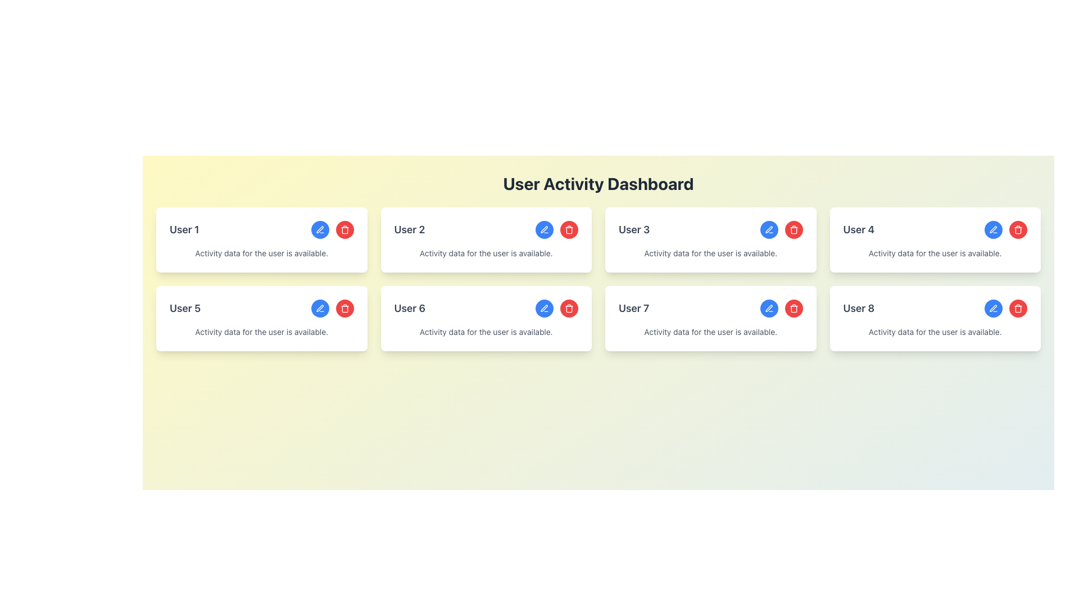  What do you see at coordinates (569, 229) in the screenshot?
I see `the trash bin icon located` at bounding box center [569, 229].